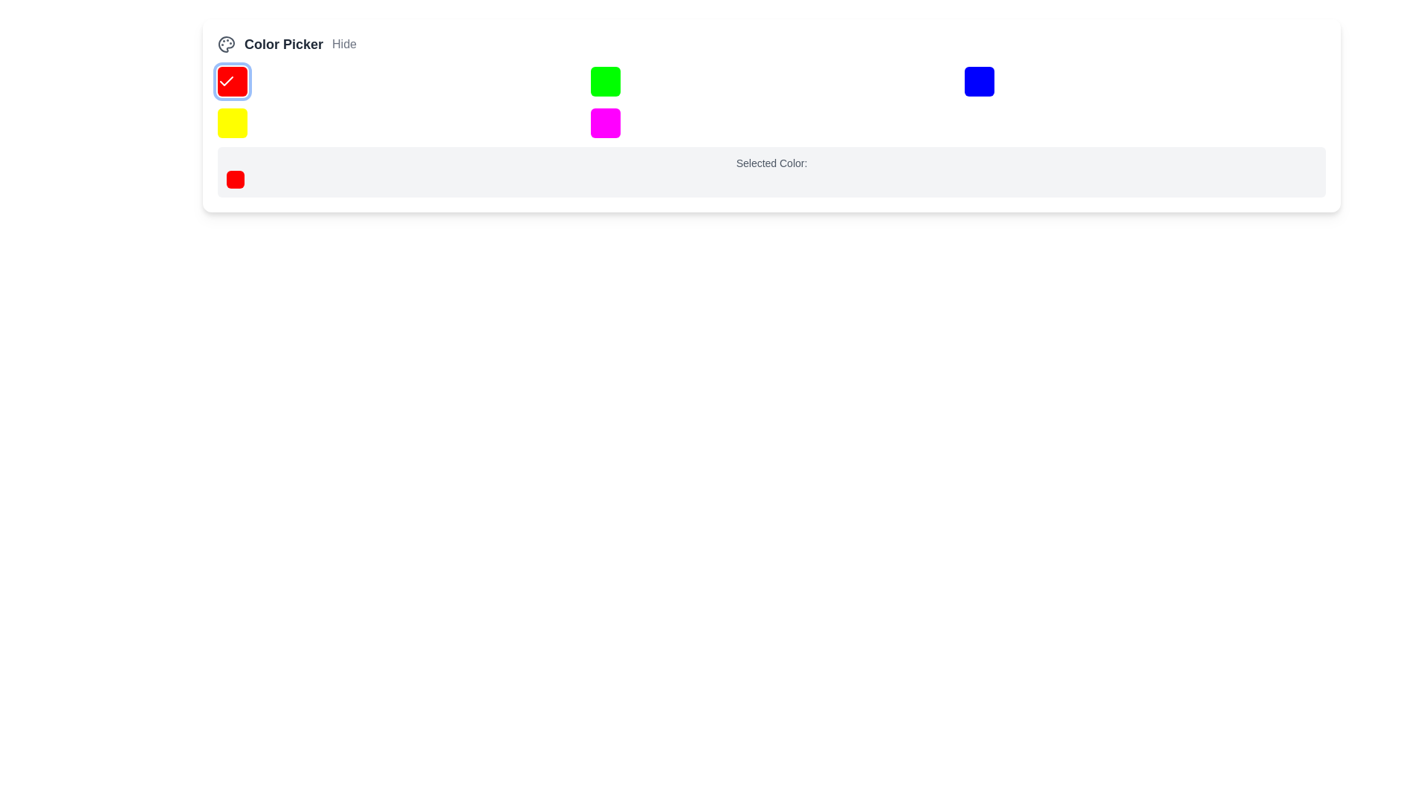 This screenshot has height=802, width=1427. Describe the element at coordinates (979, 82) in the screenshot. I see `the square-shaped button with a rounded border and solid blue background located in the top row, third from the right` at that location.